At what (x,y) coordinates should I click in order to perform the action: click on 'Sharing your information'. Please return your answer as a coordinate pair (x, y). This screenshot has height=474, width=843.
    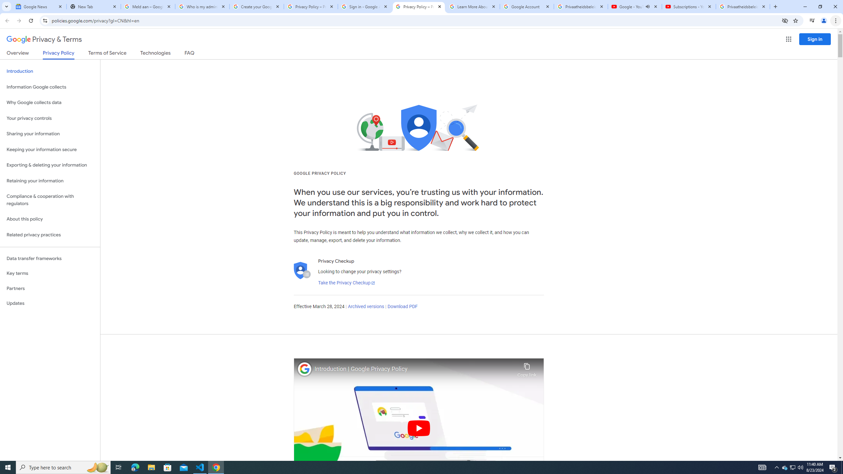
    Looking at the image, I should click on (50, 133).